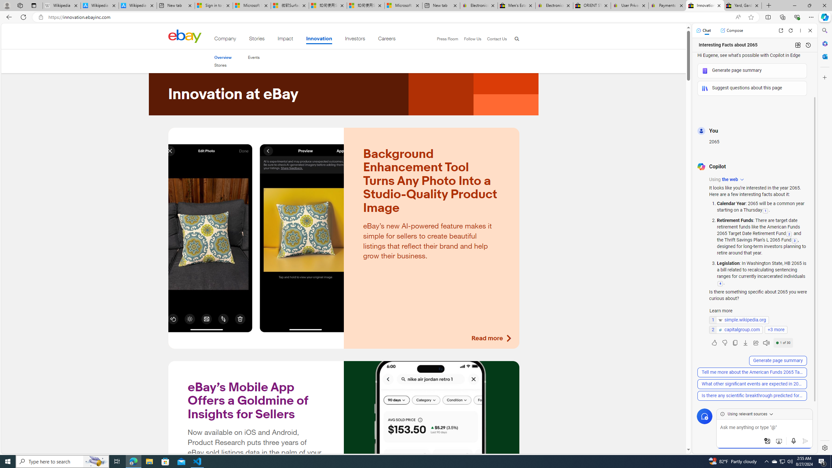  Describe the element at coordinates (220, 65) in the screenshot. I see `'Stories'` at that location.